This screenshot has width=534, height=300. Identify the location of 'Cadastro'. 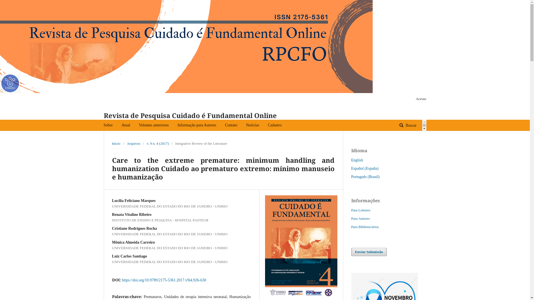
(275, 125).